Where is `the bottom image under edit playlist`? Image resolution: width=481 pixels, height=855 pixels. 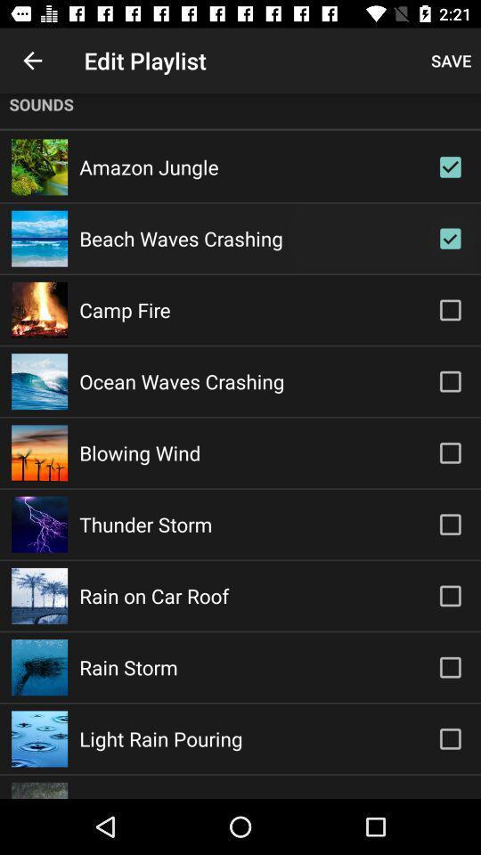
the bottom image under edit playlist is located at coordinates (39, 790).